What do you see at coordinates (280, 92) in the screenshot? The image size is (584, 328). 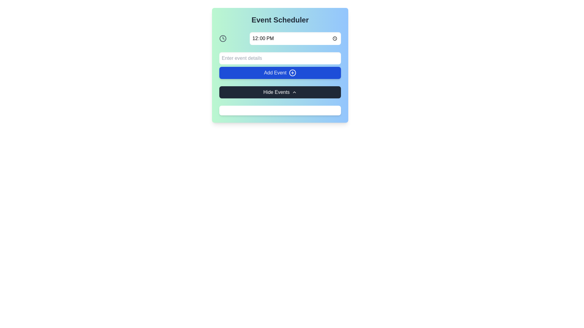 I see `the collapse/hide button located centrally in the interface panel, positioned below the 'Add Event' button and above a blank input field` at bounding box center [280, 92].